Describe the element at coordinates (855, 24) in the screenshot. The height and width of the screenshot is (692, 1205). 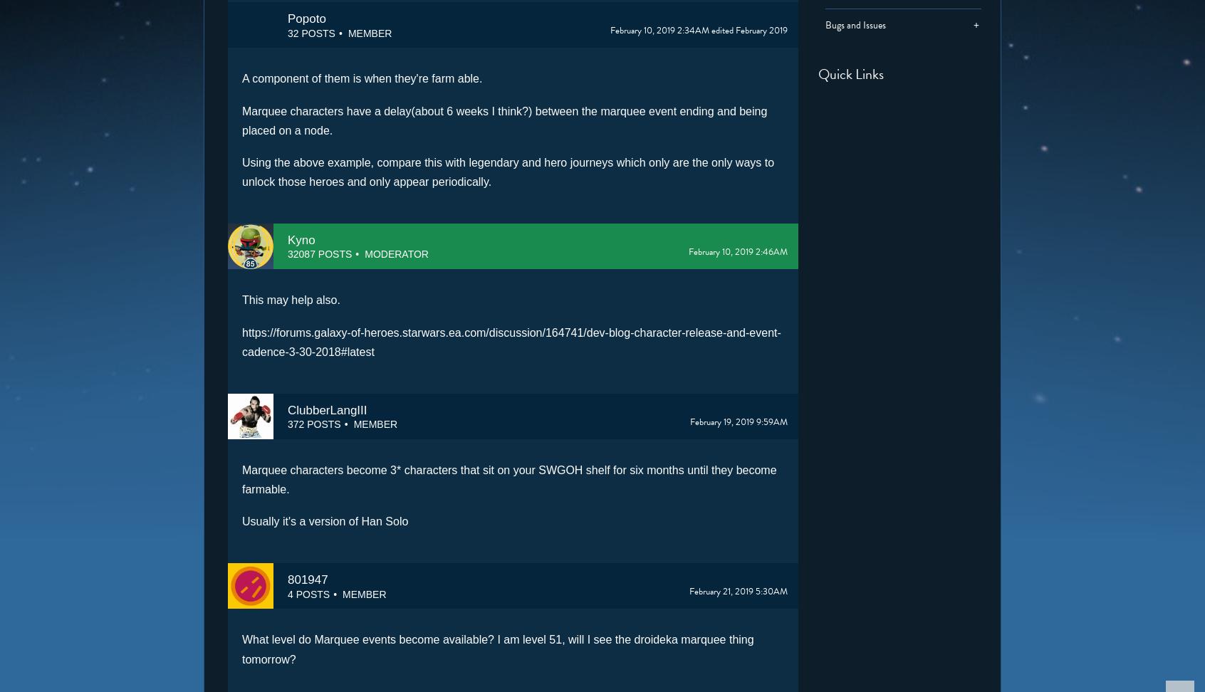
I see `'Bugs and Issues'` at that location.